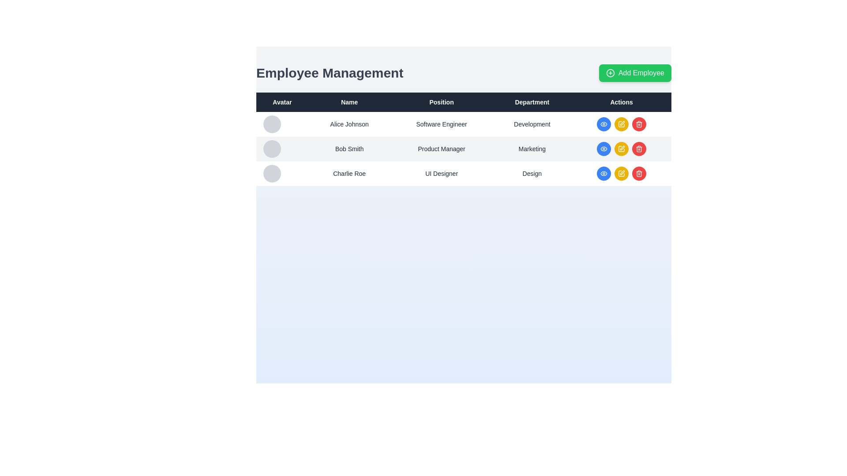  What do you see at coordinates (463, 124) in the screenshot?
I see `the first row` at bounding box center [463, 124].